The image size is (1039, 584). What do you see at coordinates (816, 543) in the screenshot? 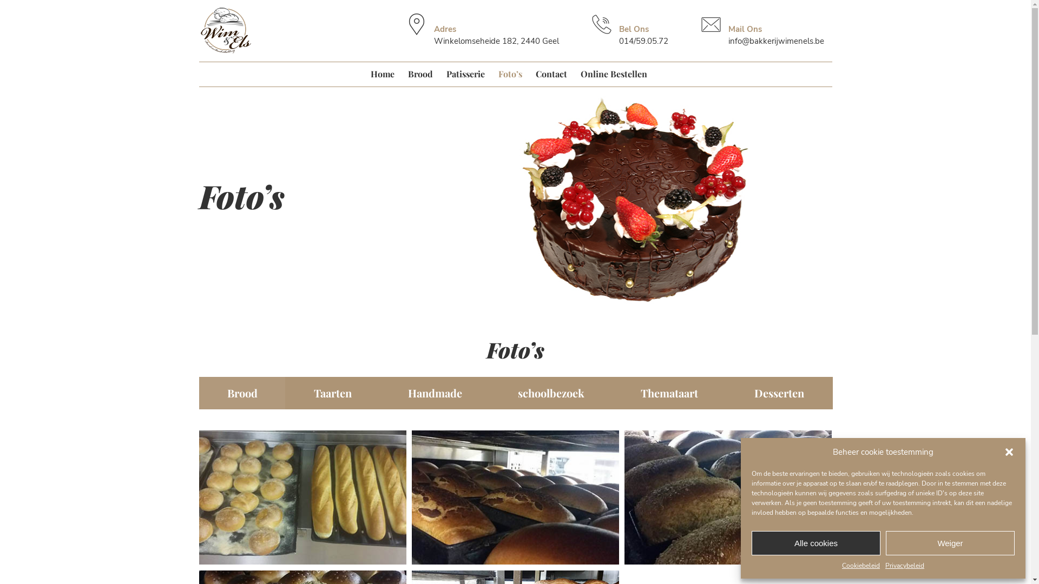
I see `'Alle cookies'` at bounding box center [816, 543].